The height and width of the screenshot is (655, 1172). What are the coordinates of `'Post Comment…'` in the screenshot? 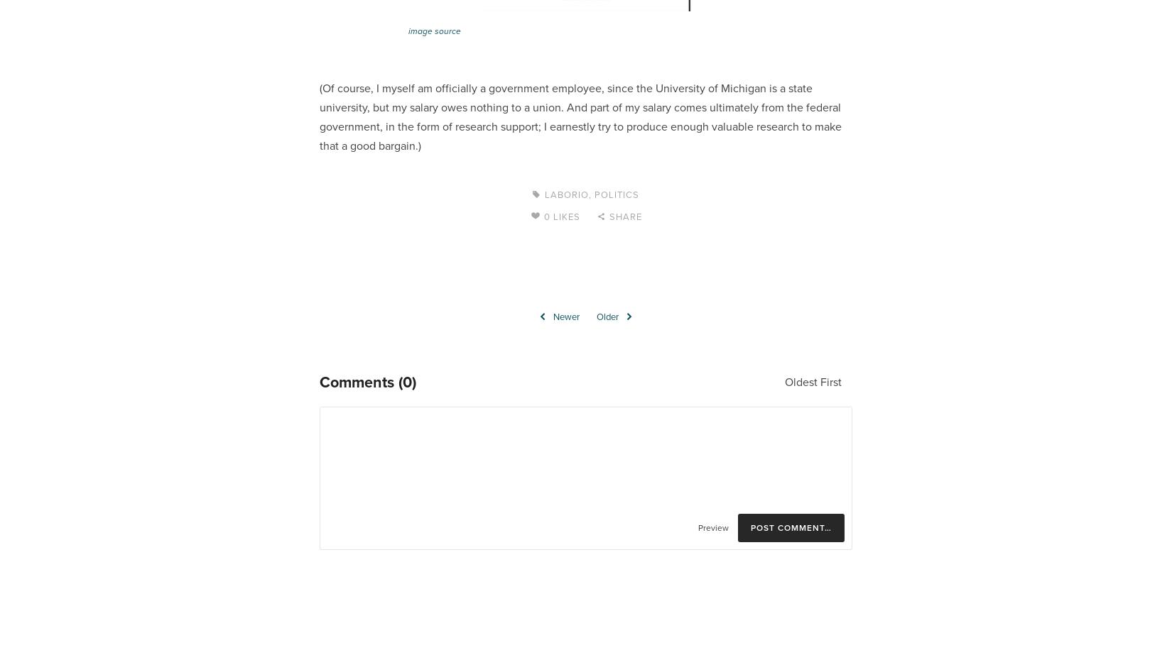 It's located at (791, 527).